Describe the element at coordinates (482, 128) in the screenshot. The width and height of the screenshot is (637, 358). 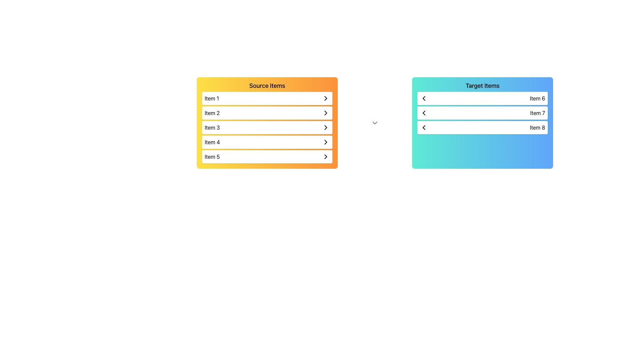
I see `the 'Item 8' list item, which has a white background and a leftward arrow icon` at that location.